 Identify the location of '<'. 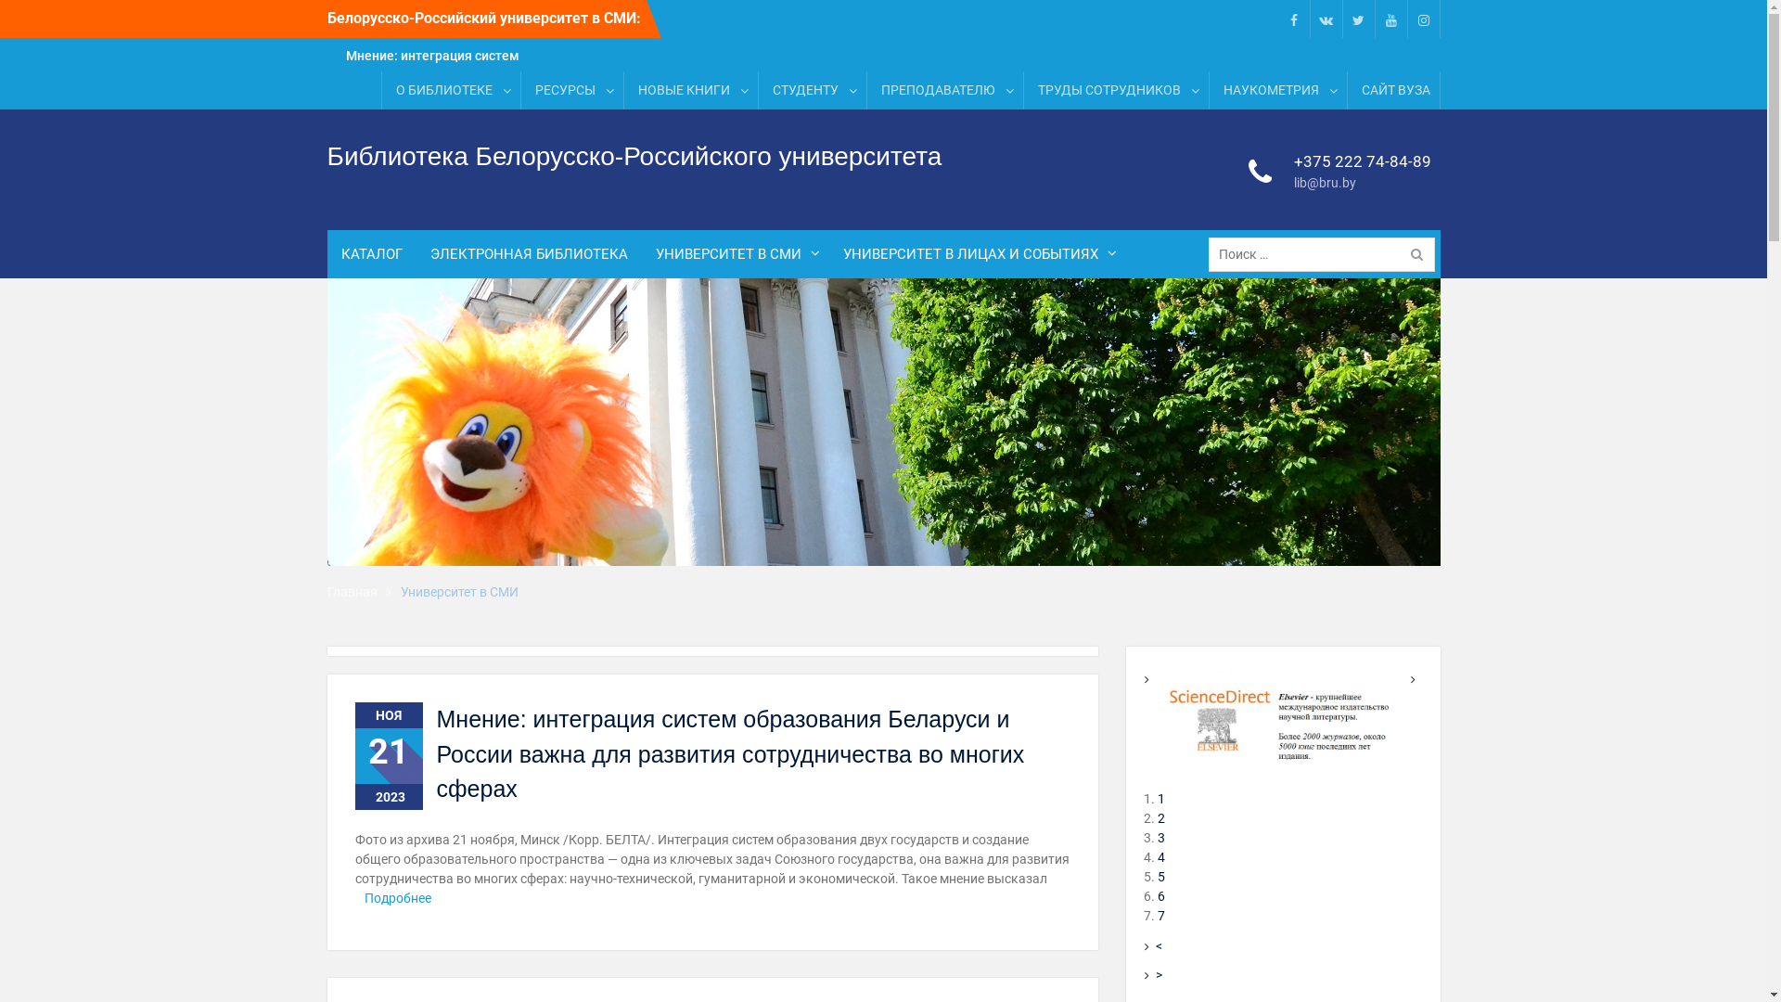
(1158, 945).